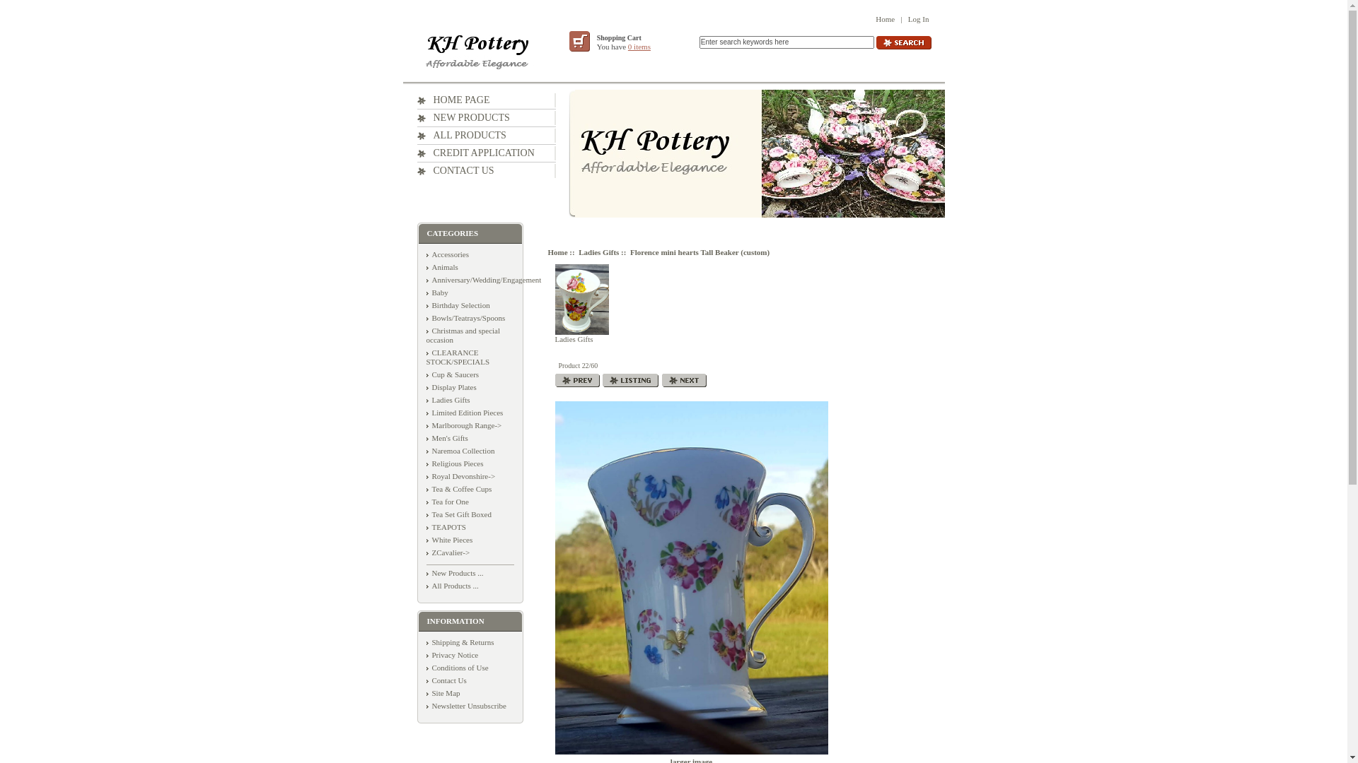 Image resolution: width=1358 pixels, height=763 pixels. Describe the element at coordinates (691, 577) in the screenshot. I see `' Florence mini hearts Tall Beaker (custom) '` at that location.